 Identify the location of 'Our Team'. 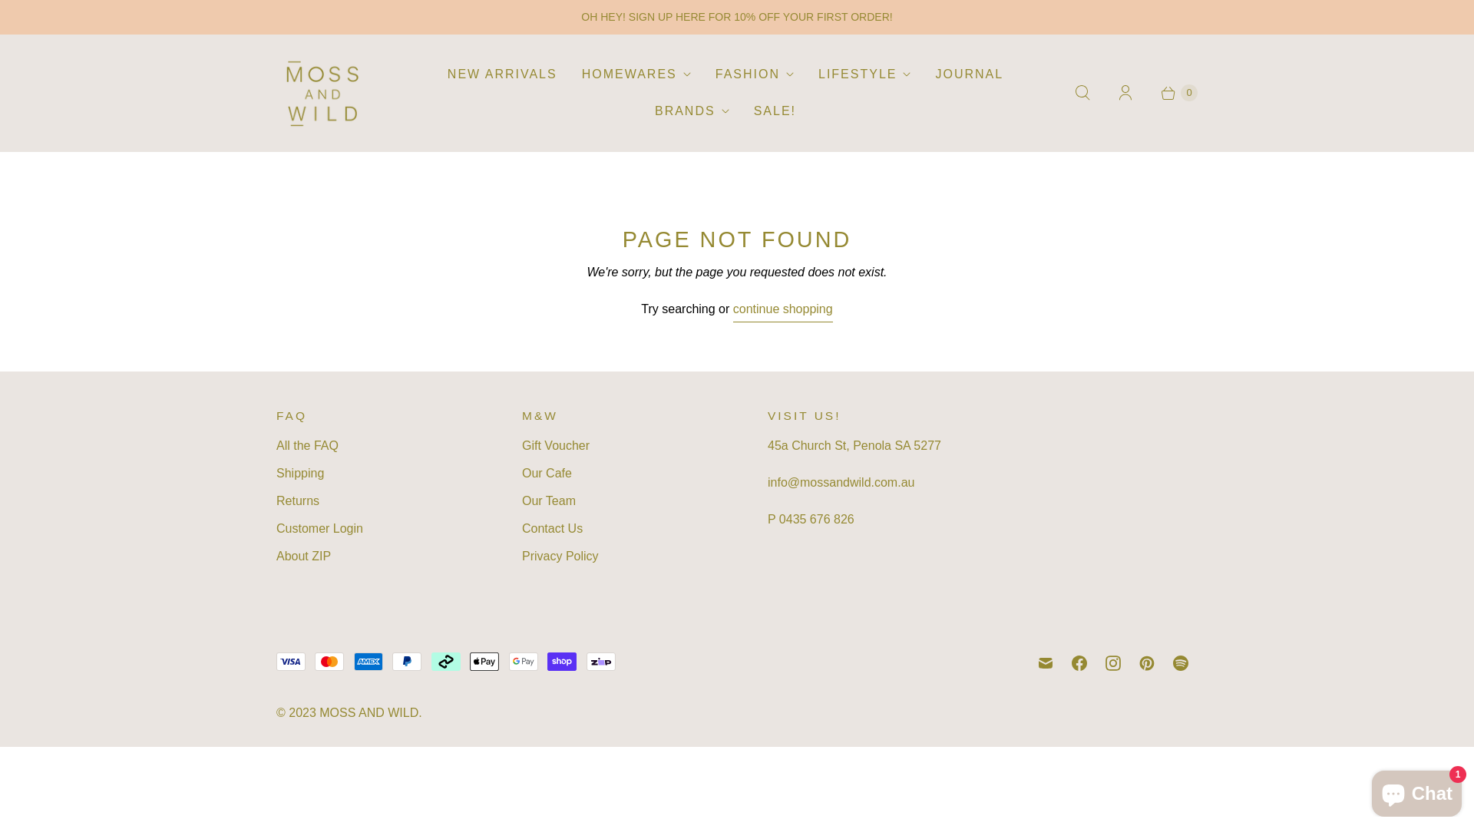
(549, 500).